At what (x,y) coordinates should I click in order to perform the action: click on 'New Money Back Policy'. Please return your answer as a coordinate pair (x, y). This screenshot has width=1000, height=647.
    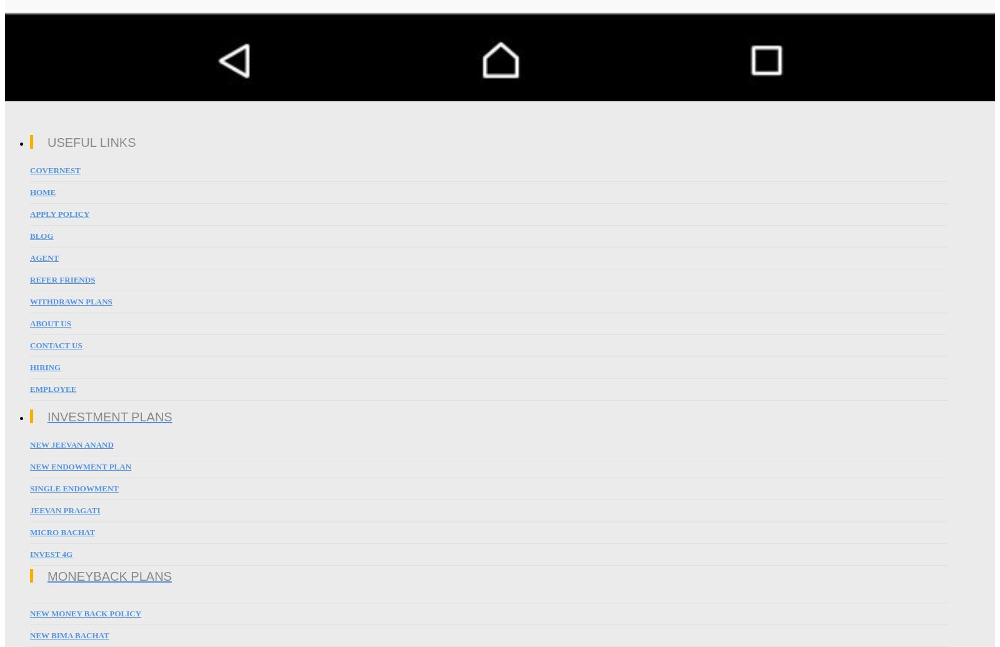
    Looking at the image, I should click on (29, 613).